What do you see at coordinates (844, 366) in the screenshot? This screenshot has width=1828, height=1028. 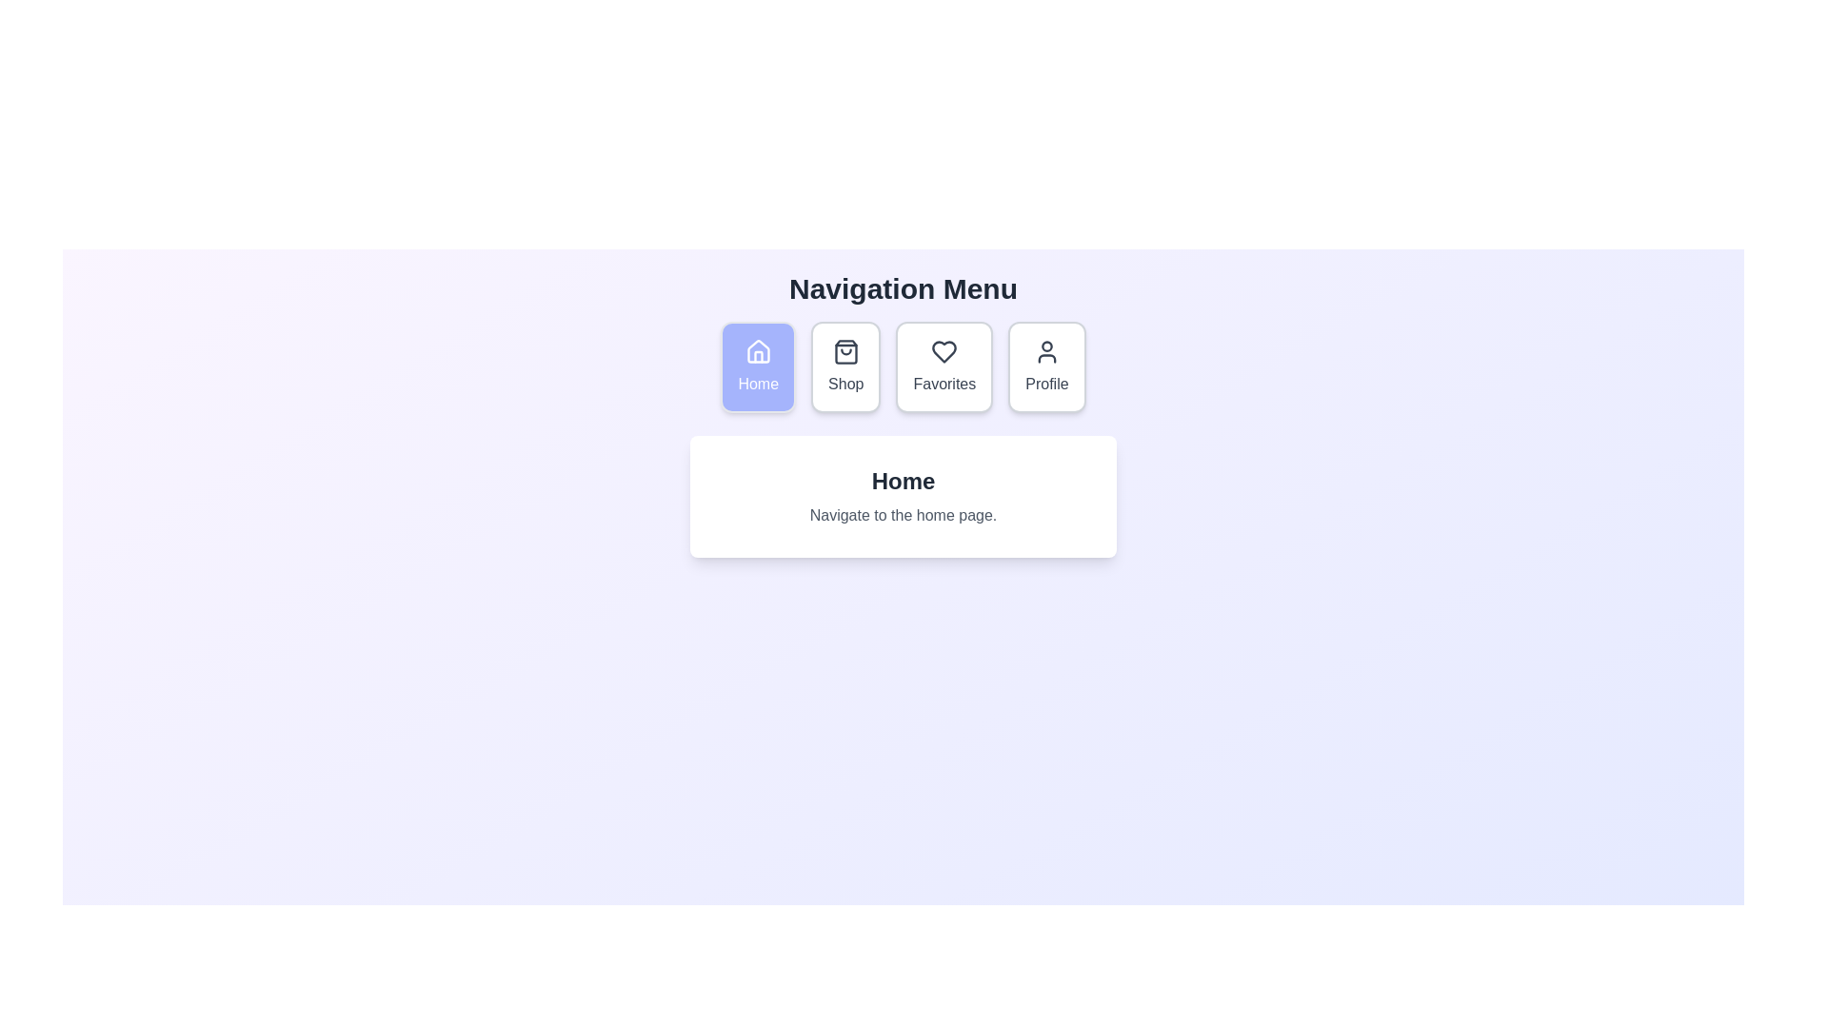 I see `the navigation button labeled 'Shop'` at bounding box center [844, 366].